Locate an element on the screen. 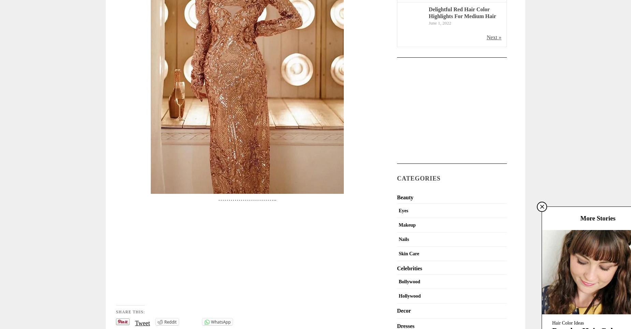 Image resolution: width=631 pixels, height=329 pixels. 'Decor' is located at coordinates (403, 310).